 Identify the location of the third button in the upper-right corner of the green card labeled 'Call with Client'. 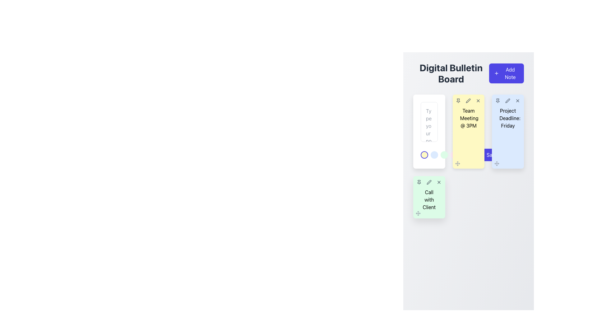
(438, 182).